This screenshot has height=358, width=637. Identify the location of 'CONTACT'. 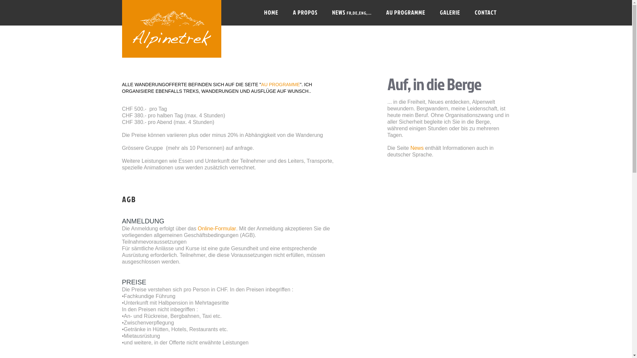
(485, 13).